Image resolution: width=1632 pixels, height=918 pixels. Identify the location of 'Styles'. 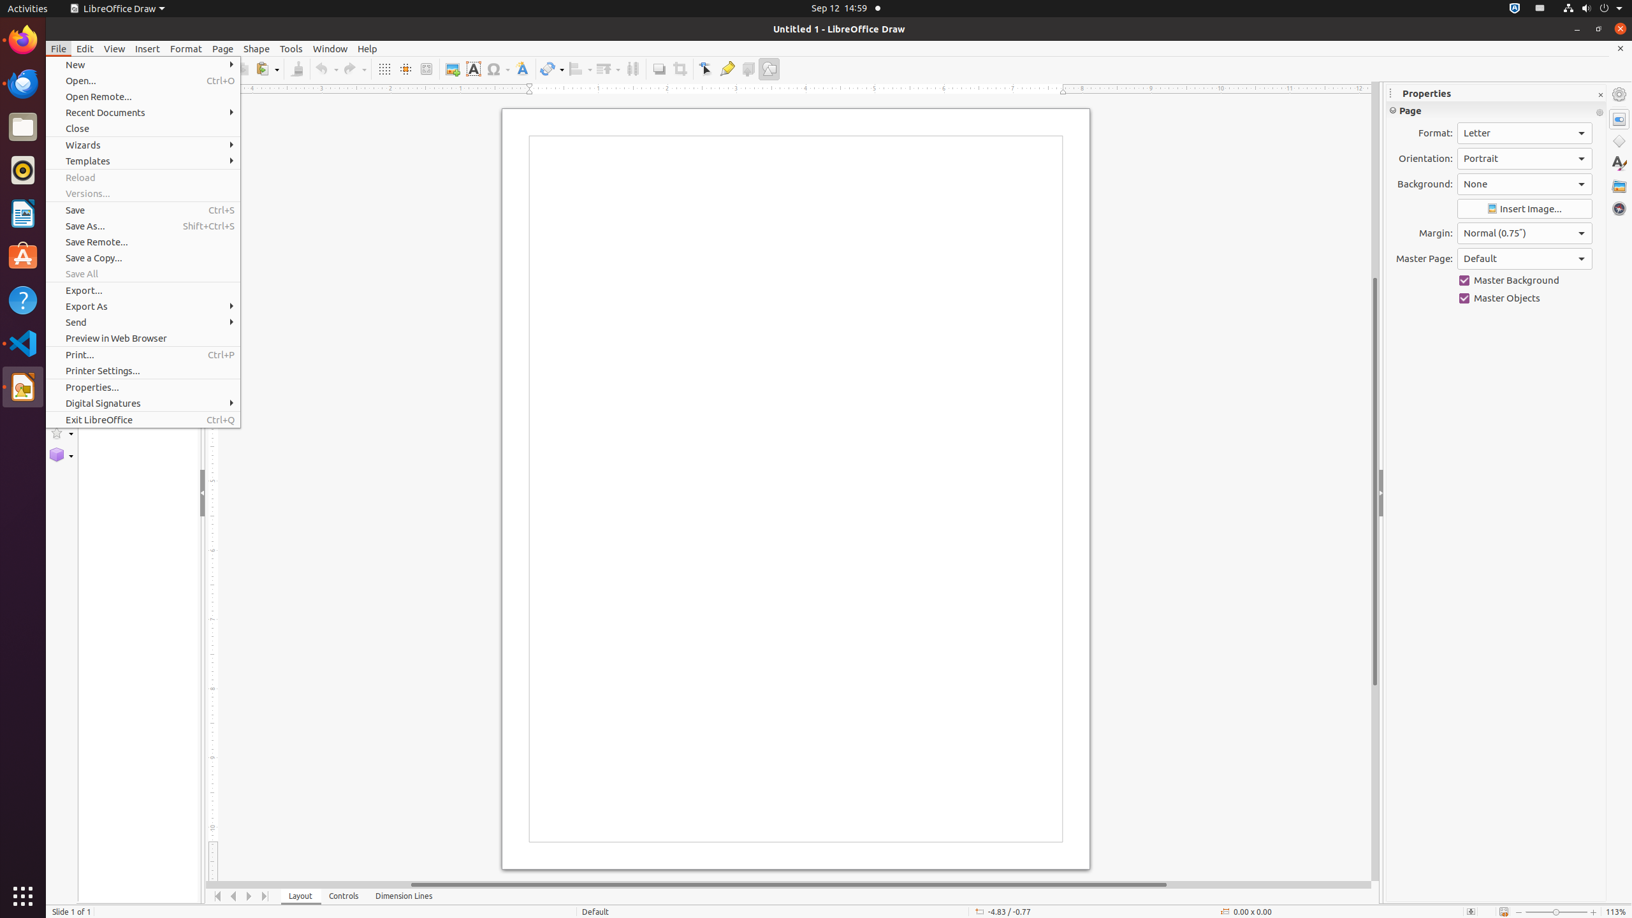
(1619, 163).